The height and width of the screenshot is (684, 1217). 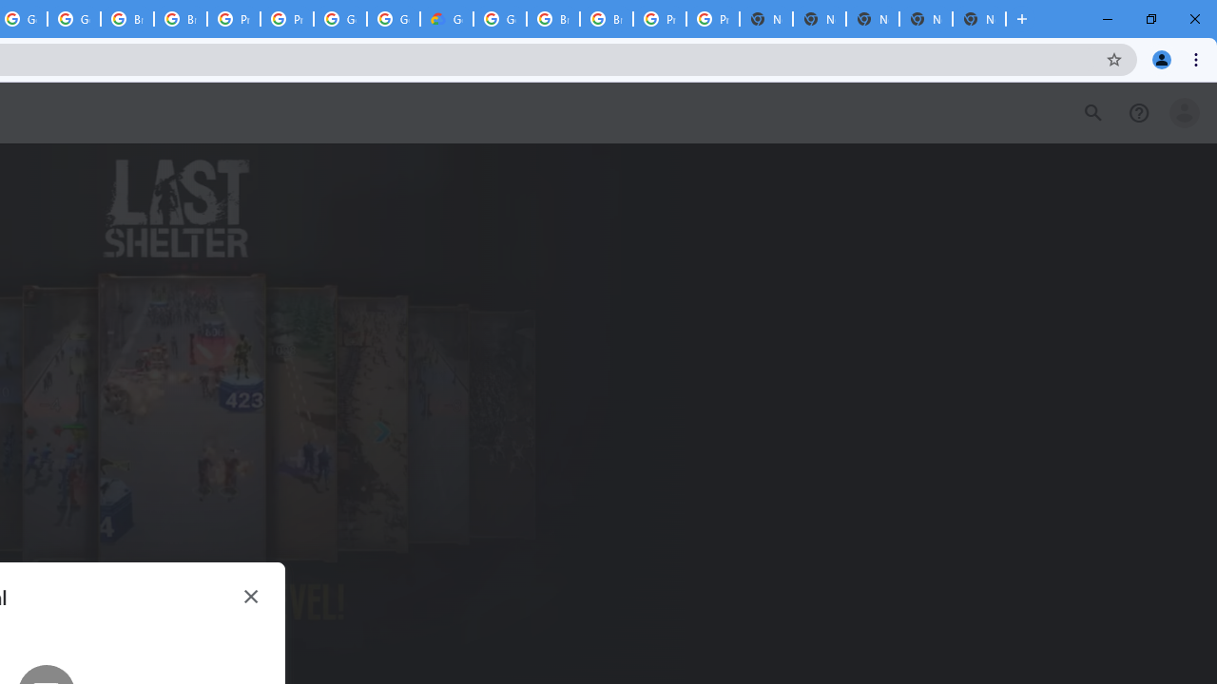 What do you see at coordinates (606, 19) in the screenshot?
I see `'Browse Chrome as a guest - Computer - Google Chrome Help'` at bounding box center [606, 19].